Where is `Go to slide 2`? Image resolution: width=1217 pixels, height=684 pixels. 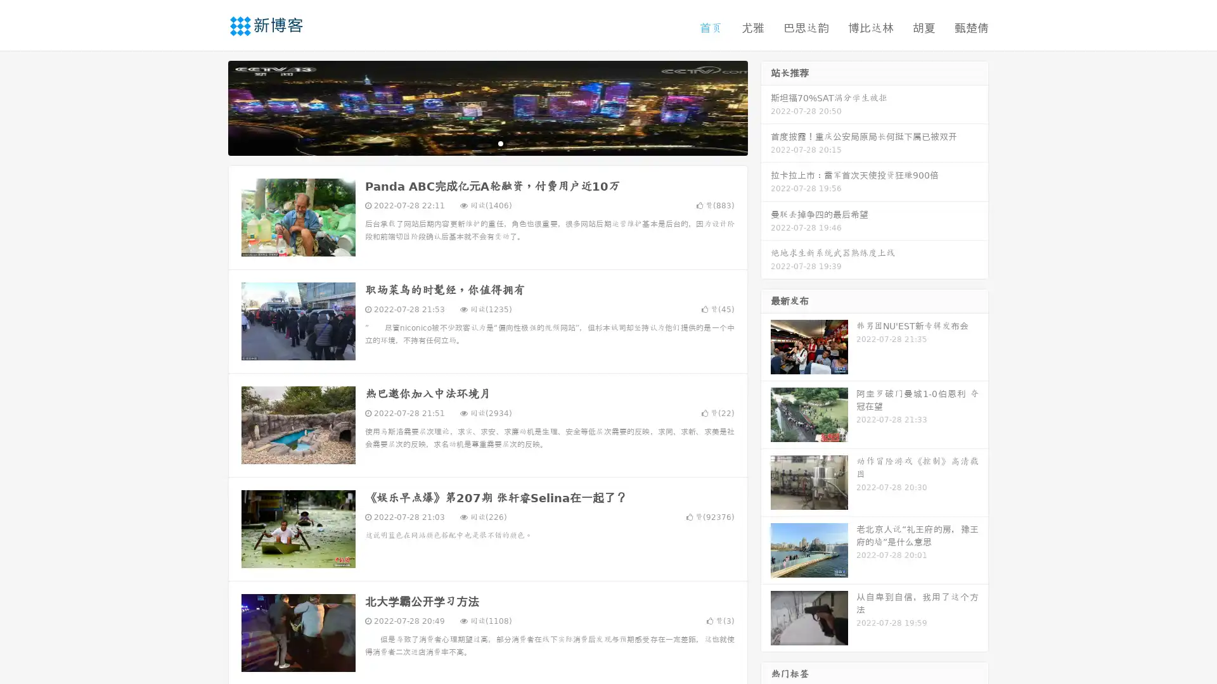 Go to slide 2 is located at coordinates (487, 142).